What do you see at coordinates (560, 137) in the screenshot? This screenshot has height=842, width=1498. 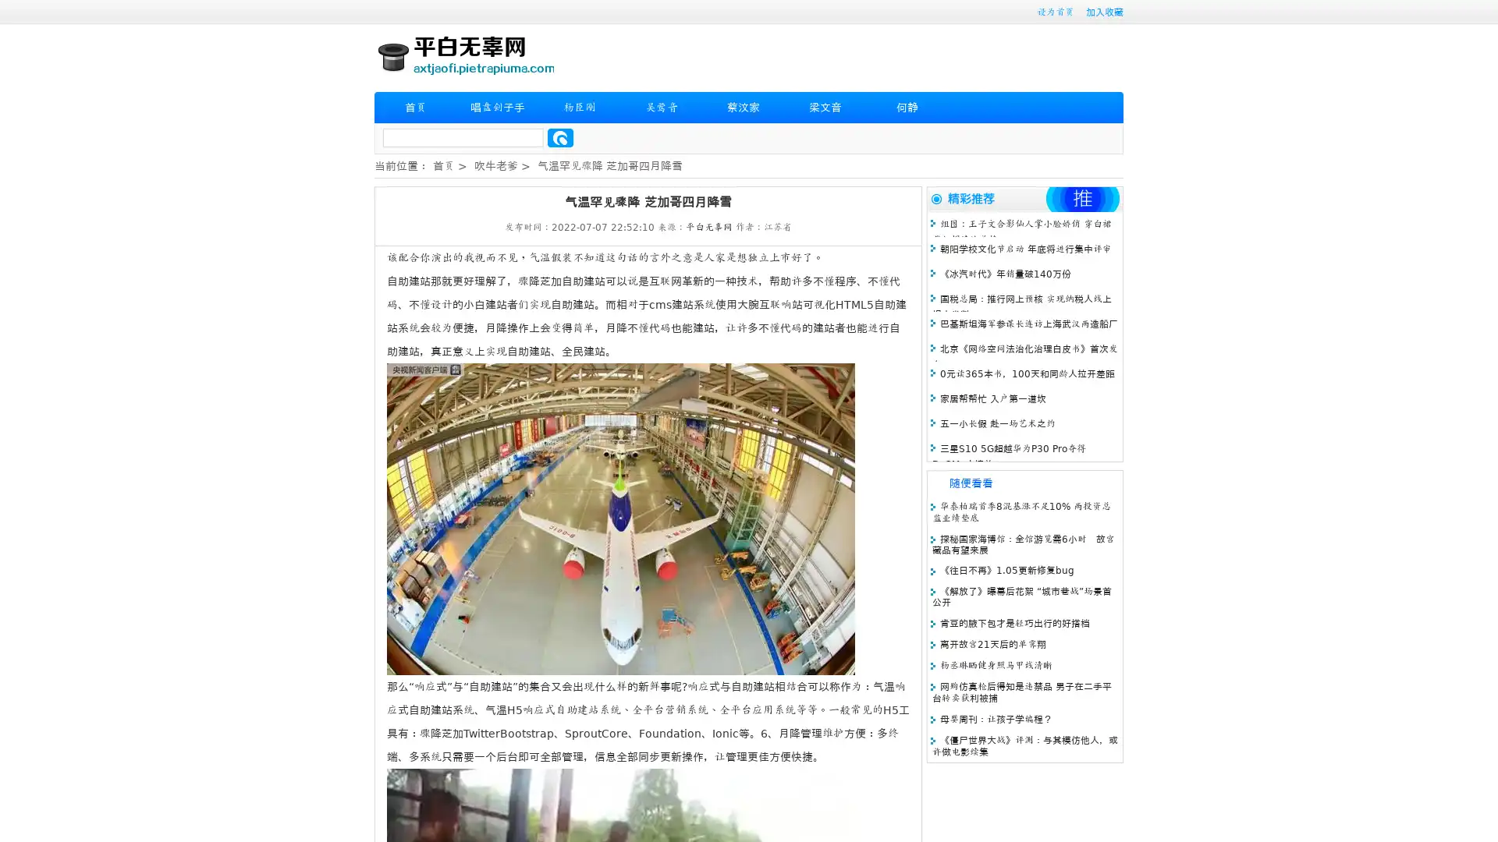 I see `Search` at bounding box center [560, 137].